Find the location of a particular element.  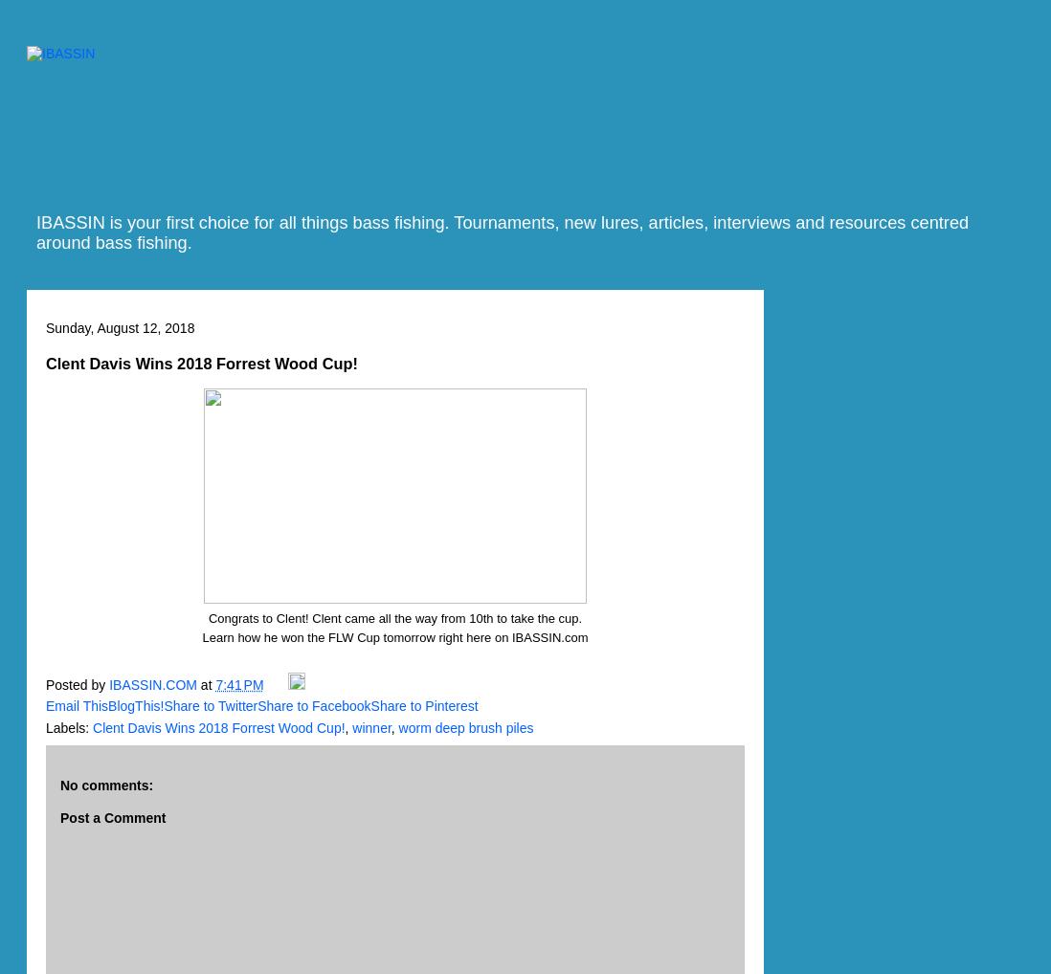

'Share to Twitter' is located at coordinates (210, 705).